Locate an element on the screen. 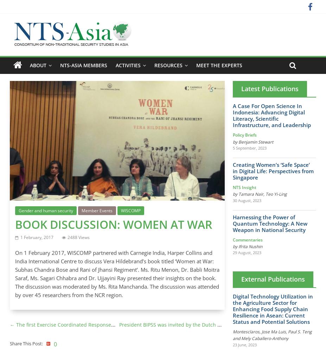 The height and width of the screenshot is (352, 326). '5 September, 2023' is located at coordinates (249, 147).